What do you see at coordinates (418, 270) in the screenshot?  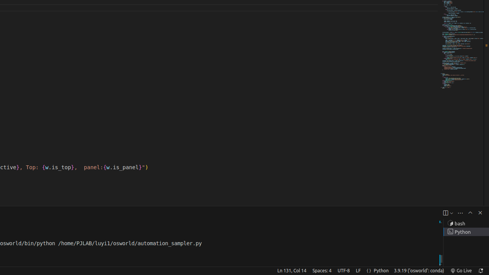 I see `'3.9.19 ('` at bounding box center [418, 270].